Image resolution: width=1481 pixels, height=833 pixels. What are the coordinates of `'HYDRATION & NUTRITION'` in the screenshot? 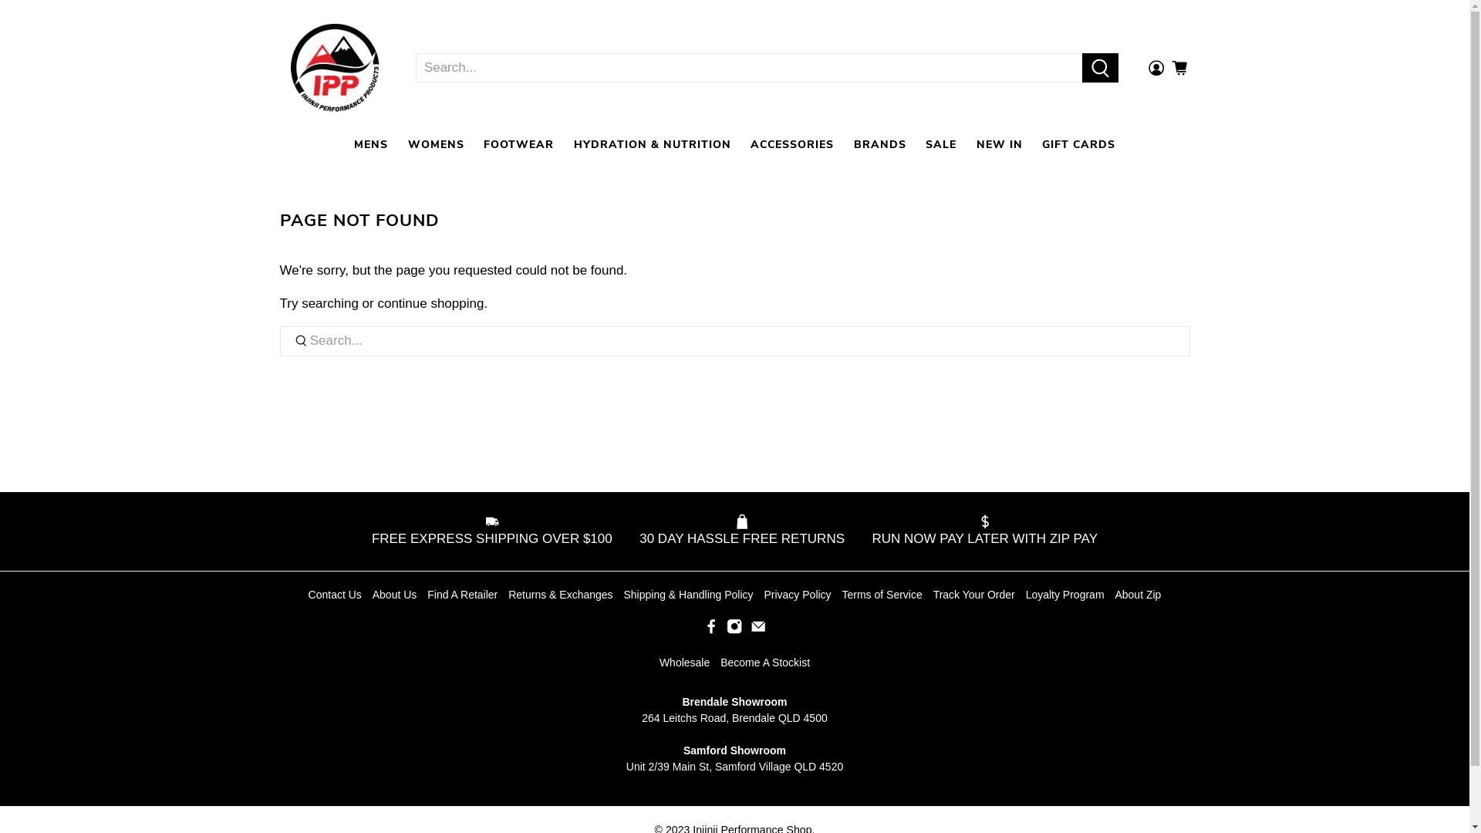 It's located at (652, 144).